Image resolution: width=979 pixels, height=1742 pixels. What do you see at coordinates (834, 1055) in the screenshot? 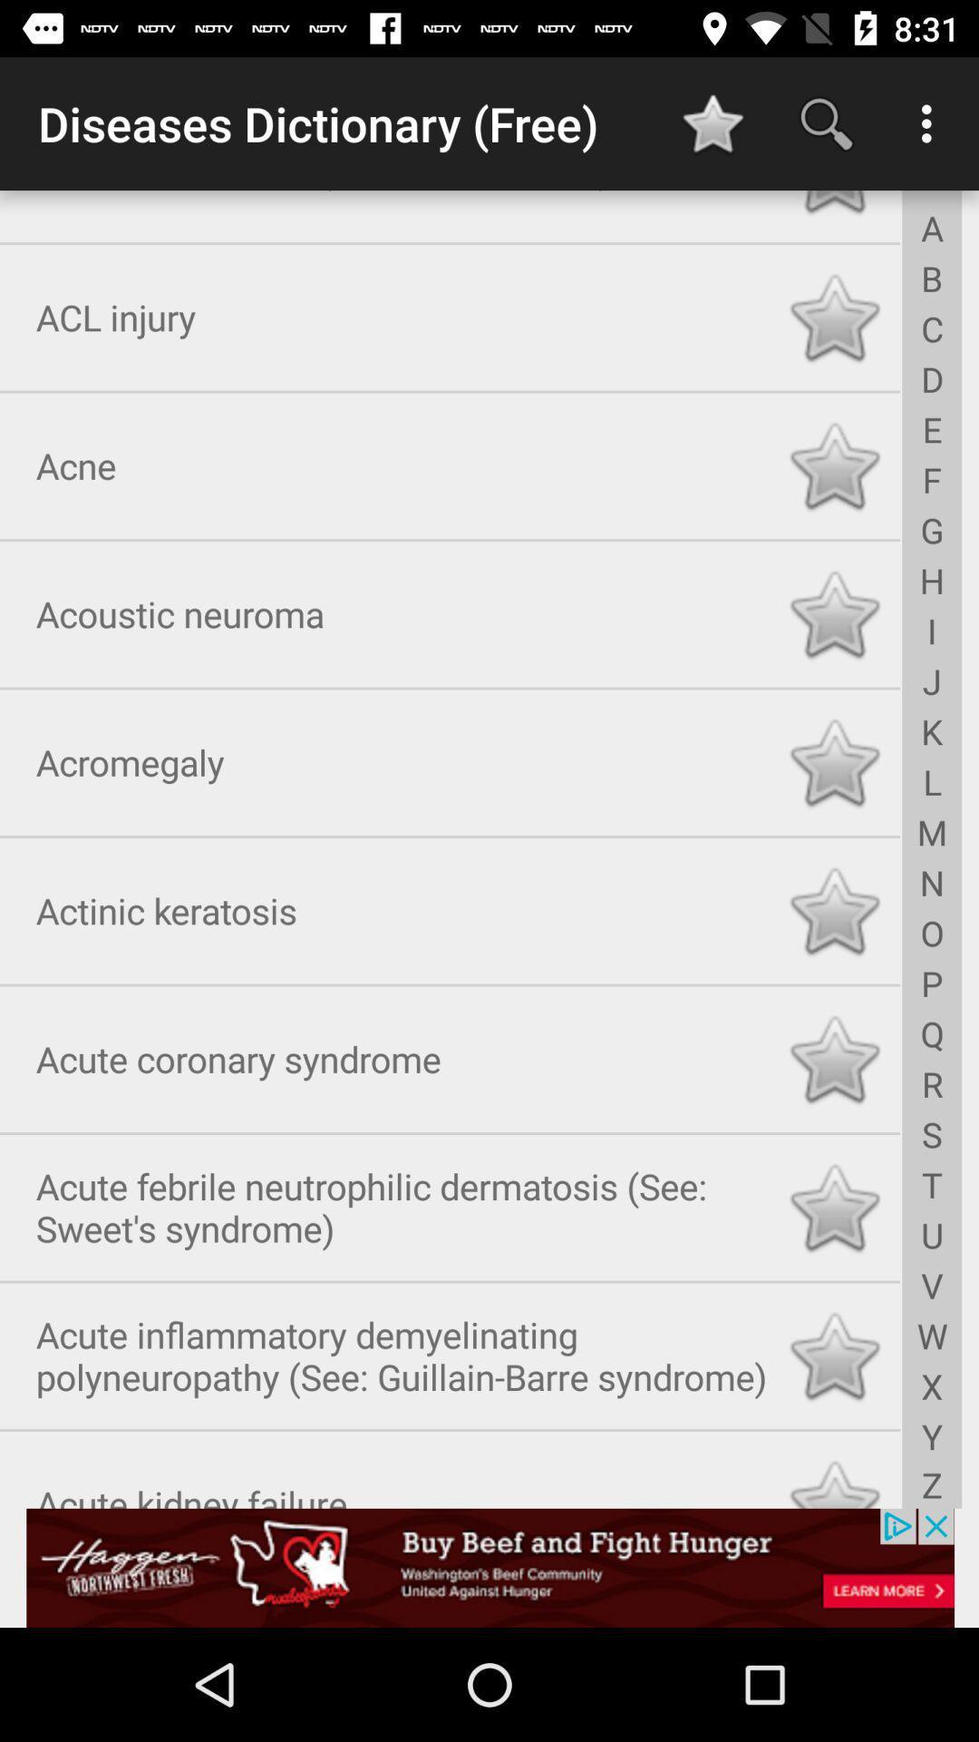
I see `bookmark` at bounding box center [834, 1055].